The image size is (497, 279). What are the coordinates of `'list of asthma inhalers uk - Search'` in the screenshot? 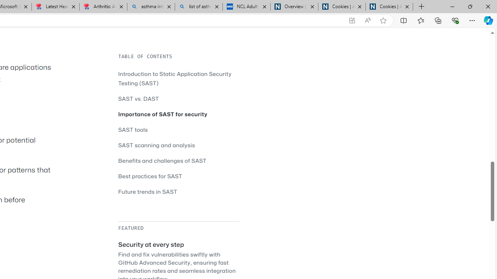 It's located at (199, 7).